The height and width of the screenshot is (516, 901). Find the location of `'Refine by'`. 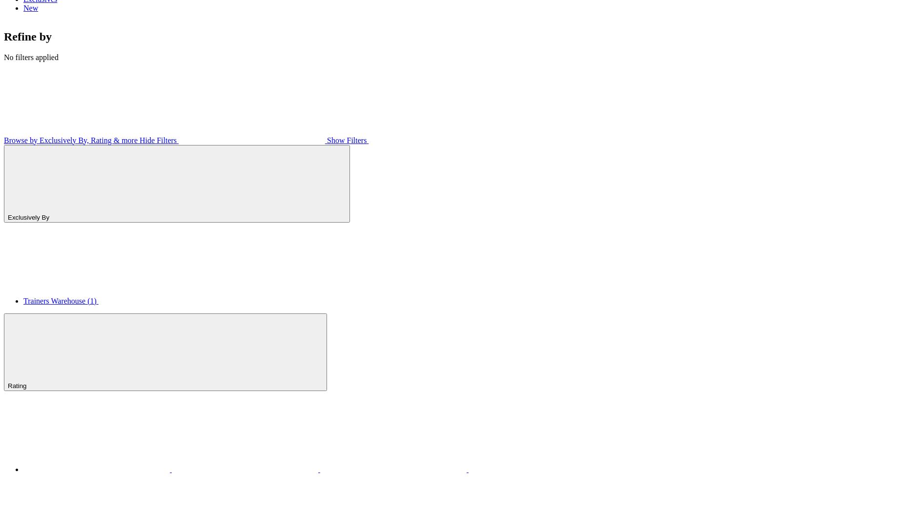

'Refine by' is located at coordinates (28, 36).